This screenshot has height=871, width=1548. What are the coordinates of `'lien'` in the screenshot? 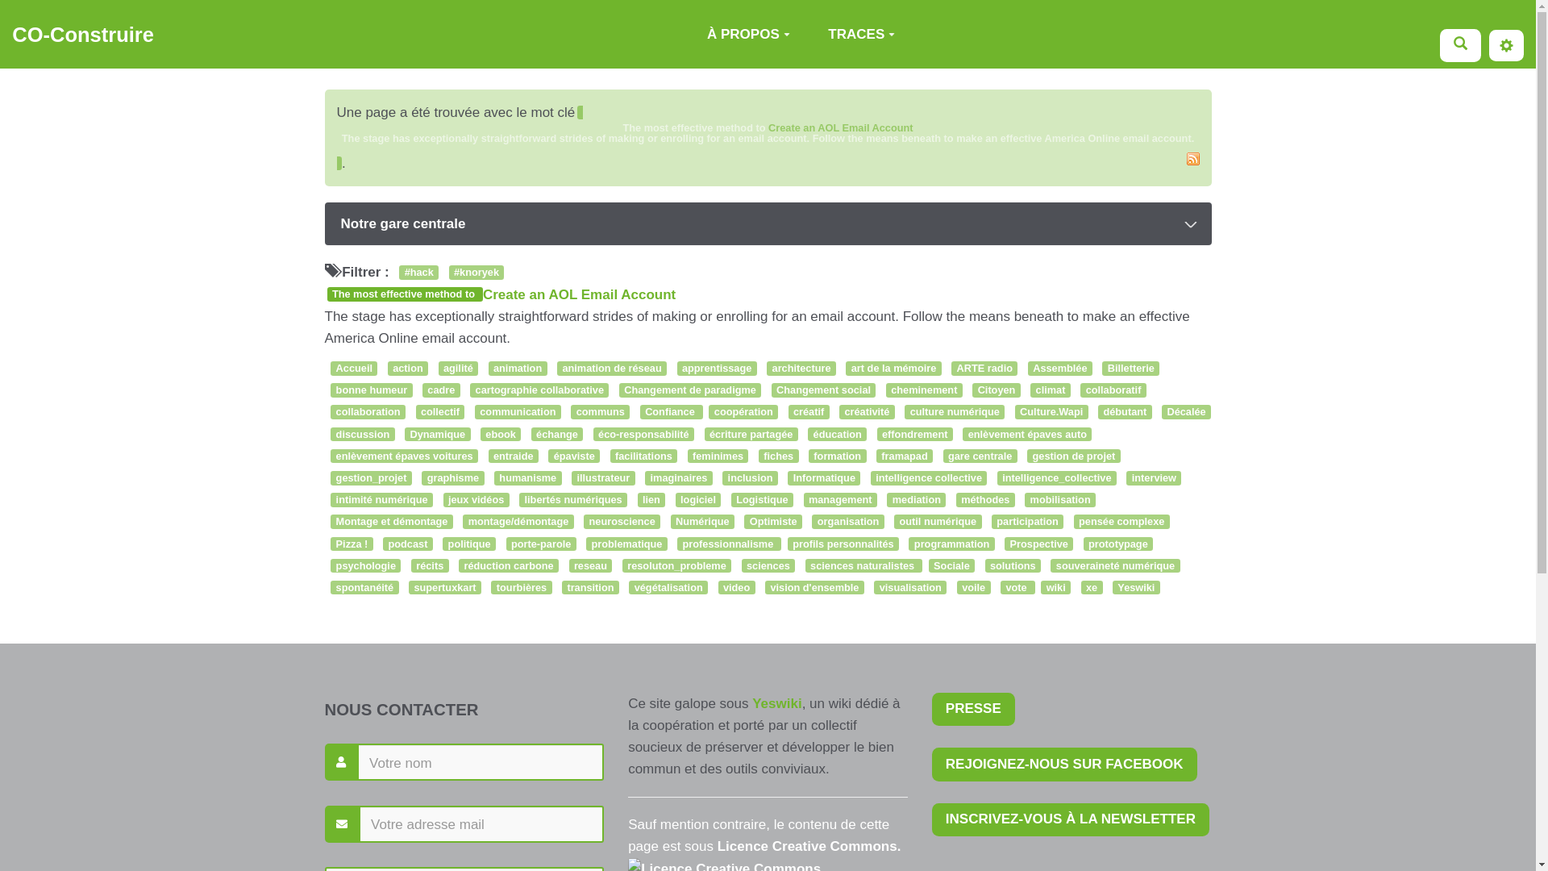 It's located at (637, 499).